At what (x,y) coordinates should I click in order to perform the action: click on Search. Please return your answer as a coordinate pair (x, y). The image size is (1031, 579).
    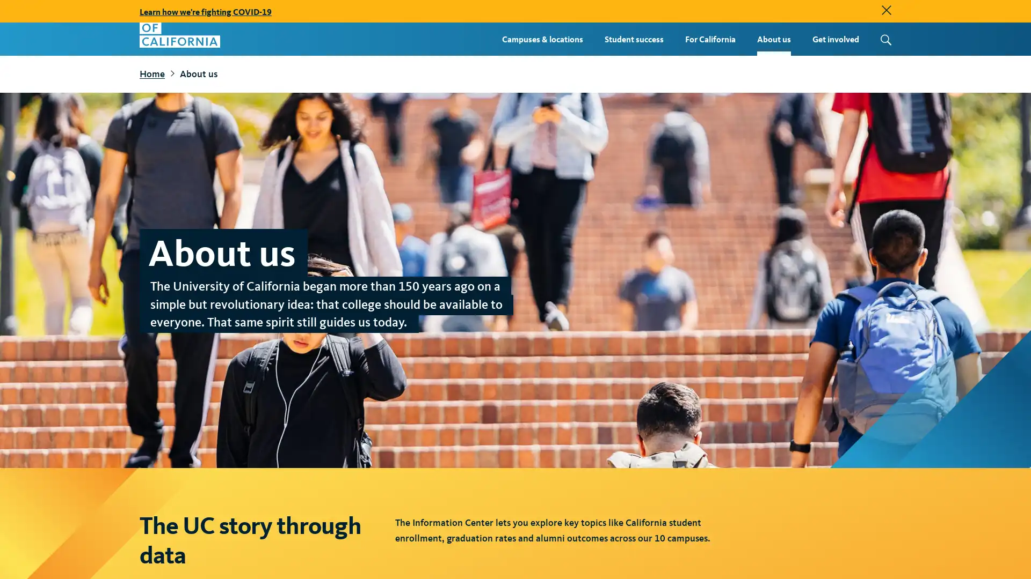
    Looking at the image, I should click on (883, 39).